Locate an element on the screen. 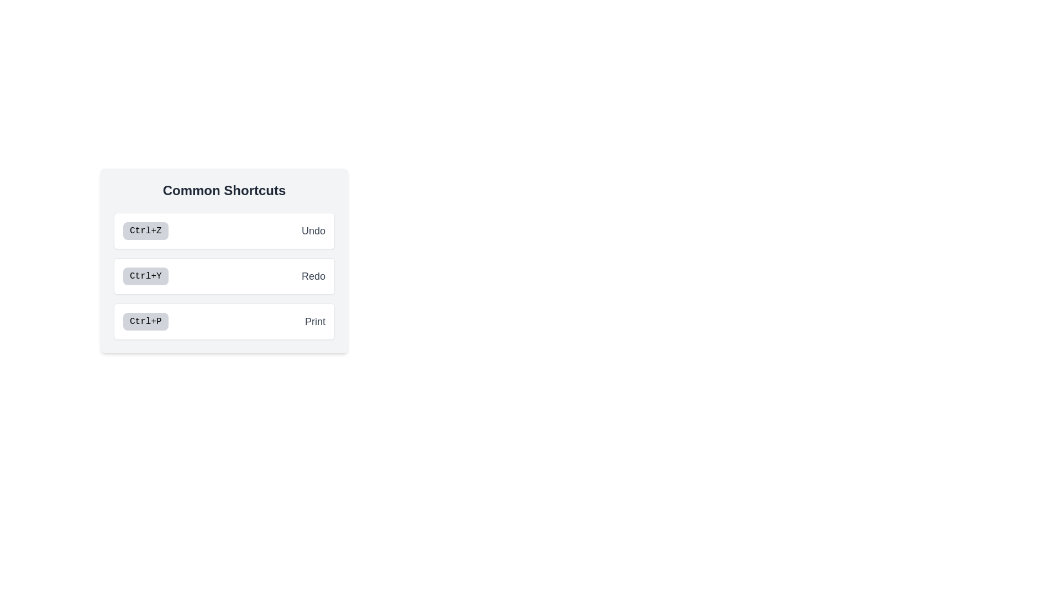 Image resolution: width=1061 pixels, height=597 pixels. the 'Ctrl+Y Redo' shortcut descriptor, which is the second item in the list of common shortcuts, located in the vertically centered frame labeled 'Common Shortcuts' is located at coordinates (224, 276).